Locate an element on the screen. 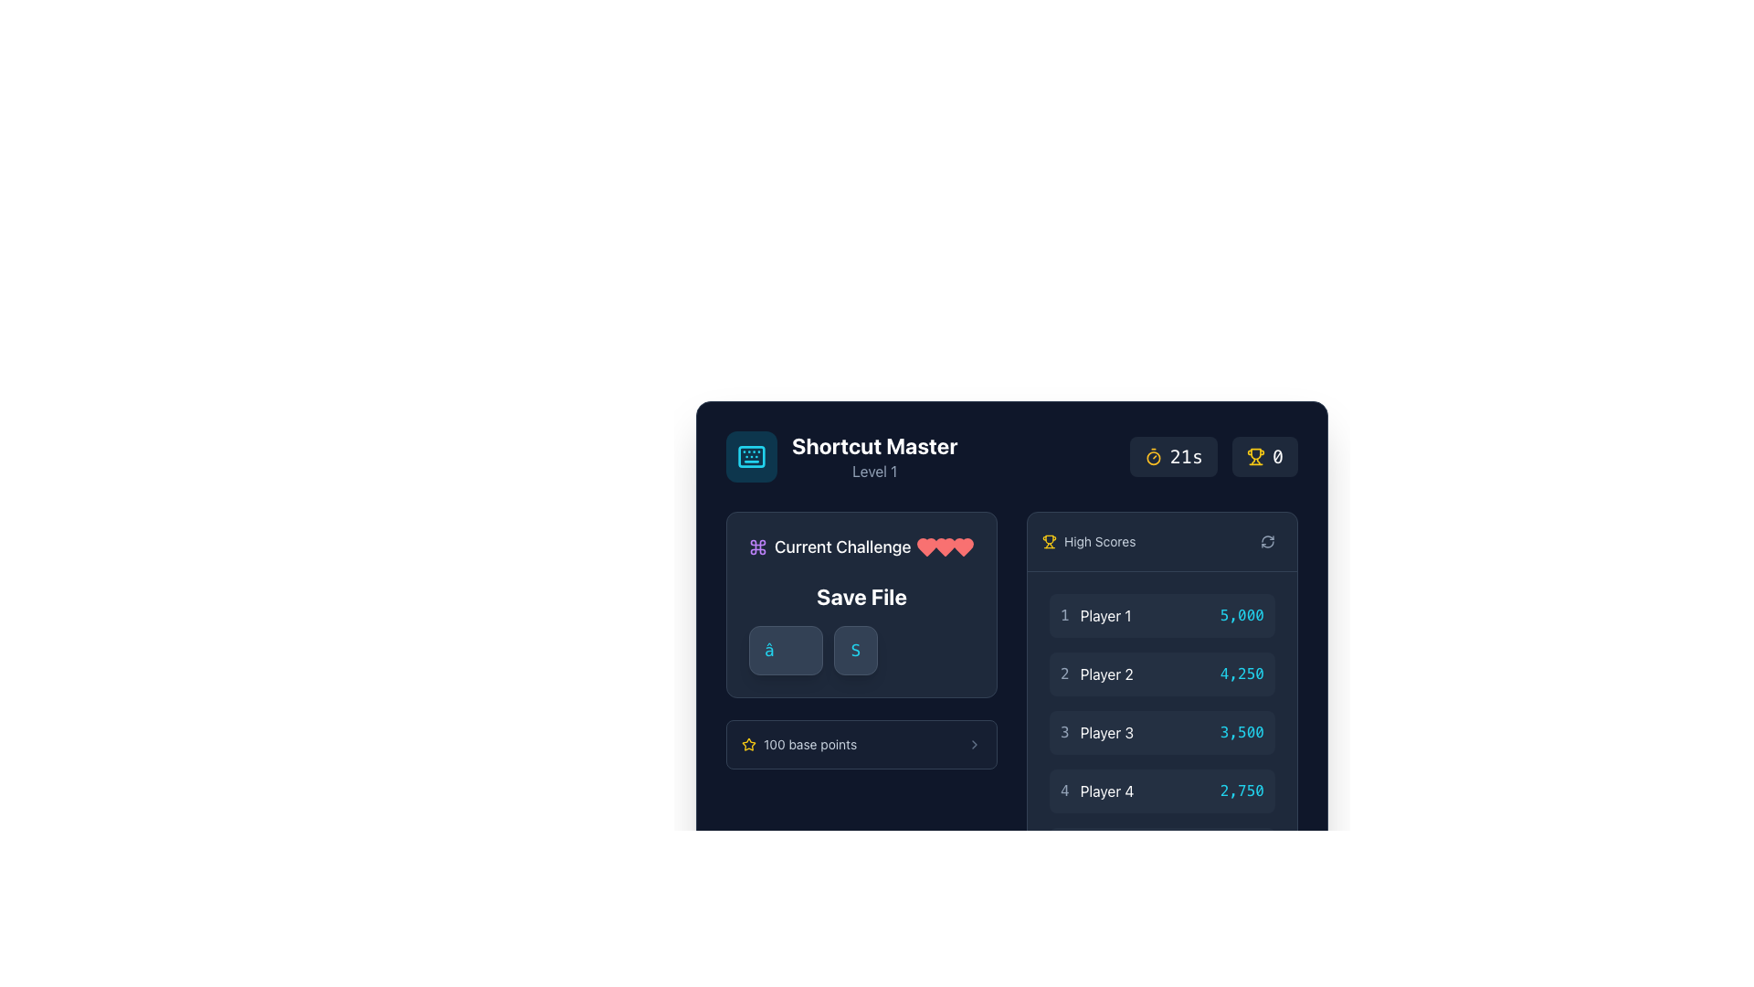 The image size is (1754, 987). the value displayed on the score indicator badge located in the top-right corner of the interface, adjacent to a similar badge showing time value is located at coordinates (1263, 456).